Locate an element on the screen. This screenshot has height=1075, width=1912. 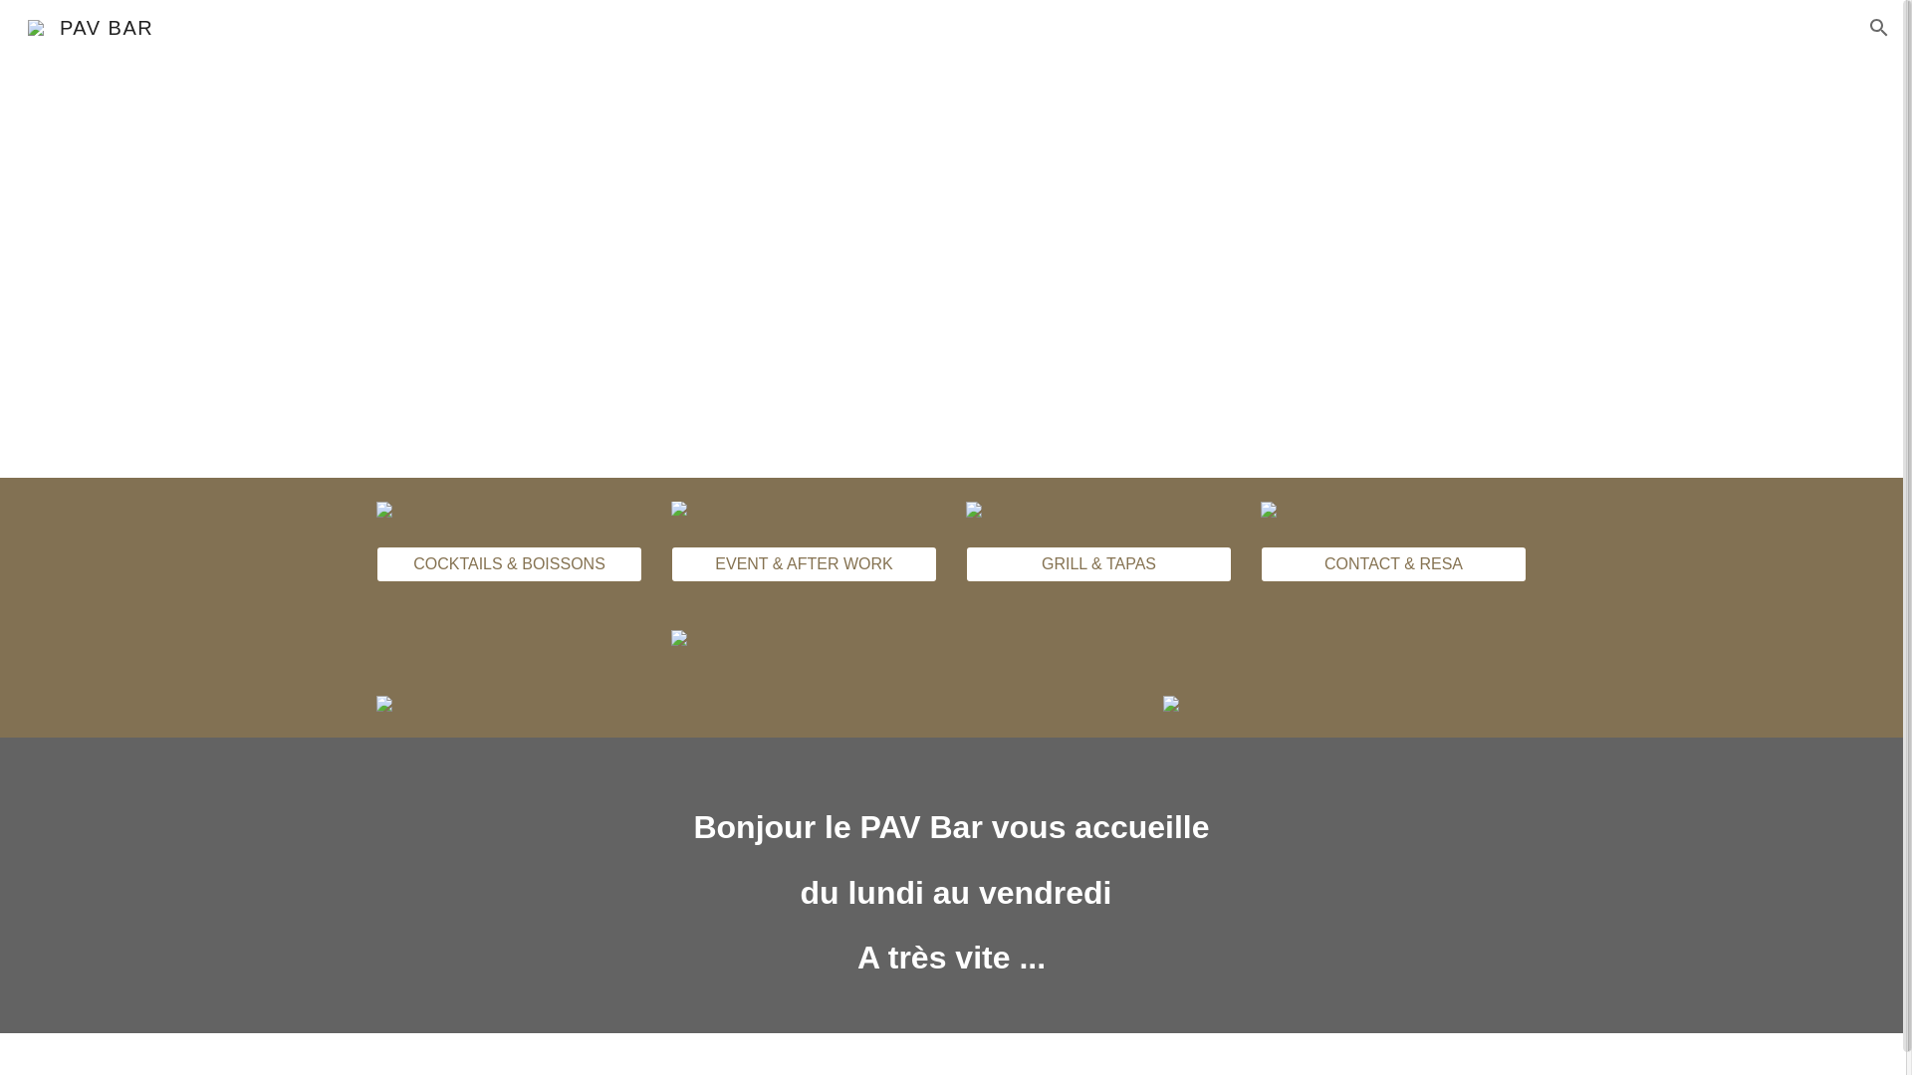
'CONTACT & RESA' is located at coordinates (1391, 564).